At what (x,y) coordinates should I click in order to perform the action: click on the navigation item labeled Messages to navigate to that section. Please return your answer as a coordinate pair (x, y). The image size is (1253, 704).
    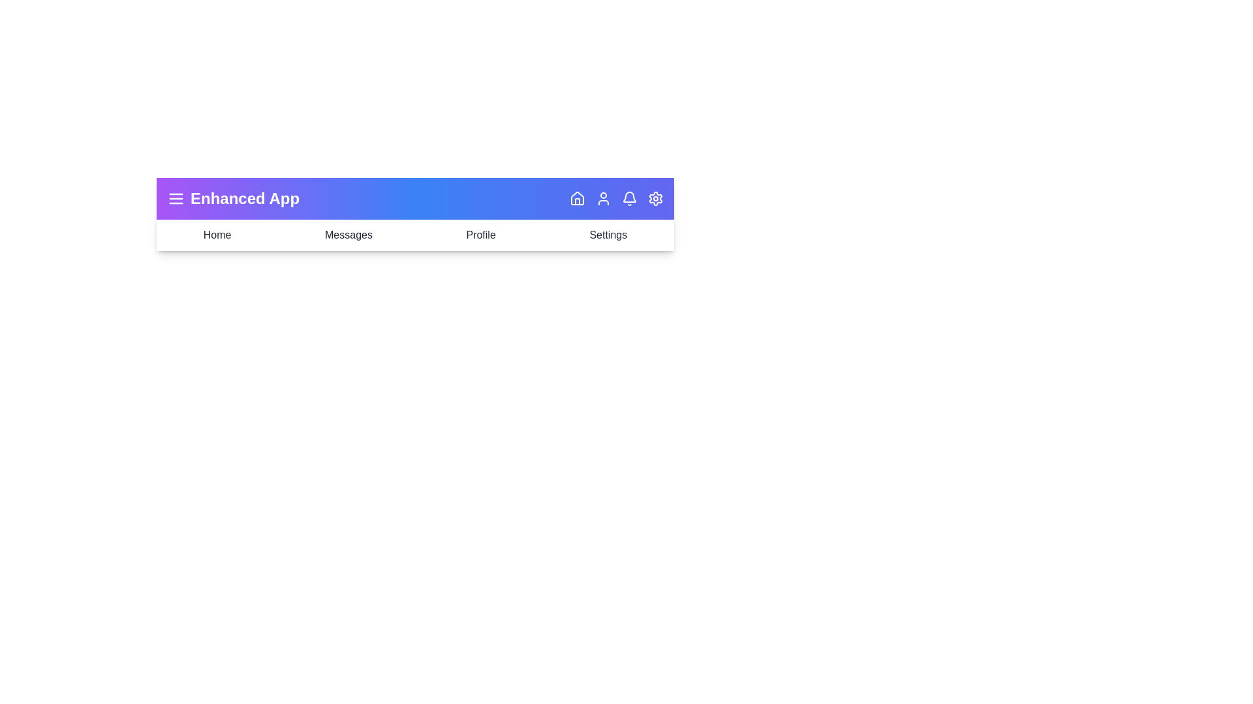
    Looking at the image, I should click on (348, 235).